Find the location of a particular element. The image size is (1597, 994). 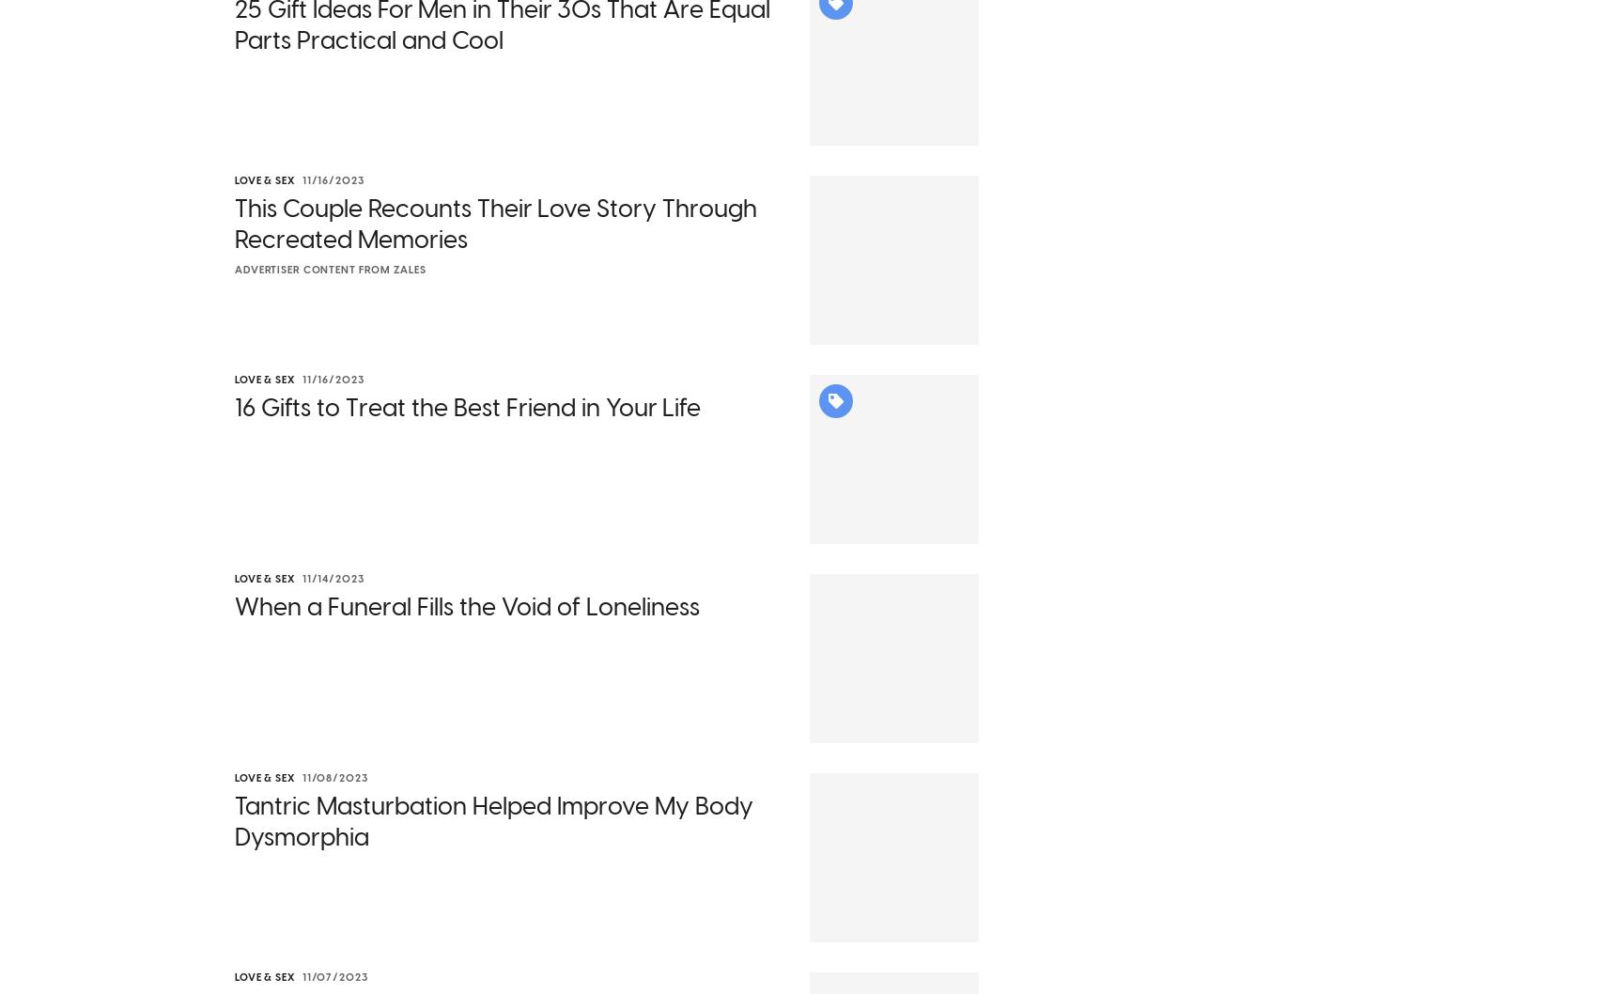

'Child Care Aware of Virginia' is located at coordinates (863, 290).